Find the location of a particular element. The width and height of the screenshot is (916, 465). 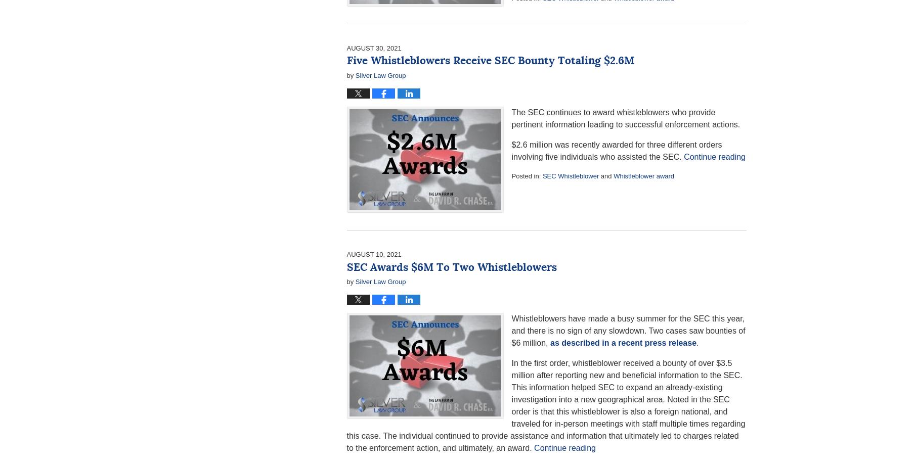

'as described in a recent press release' is located at coordinates (623, 342).